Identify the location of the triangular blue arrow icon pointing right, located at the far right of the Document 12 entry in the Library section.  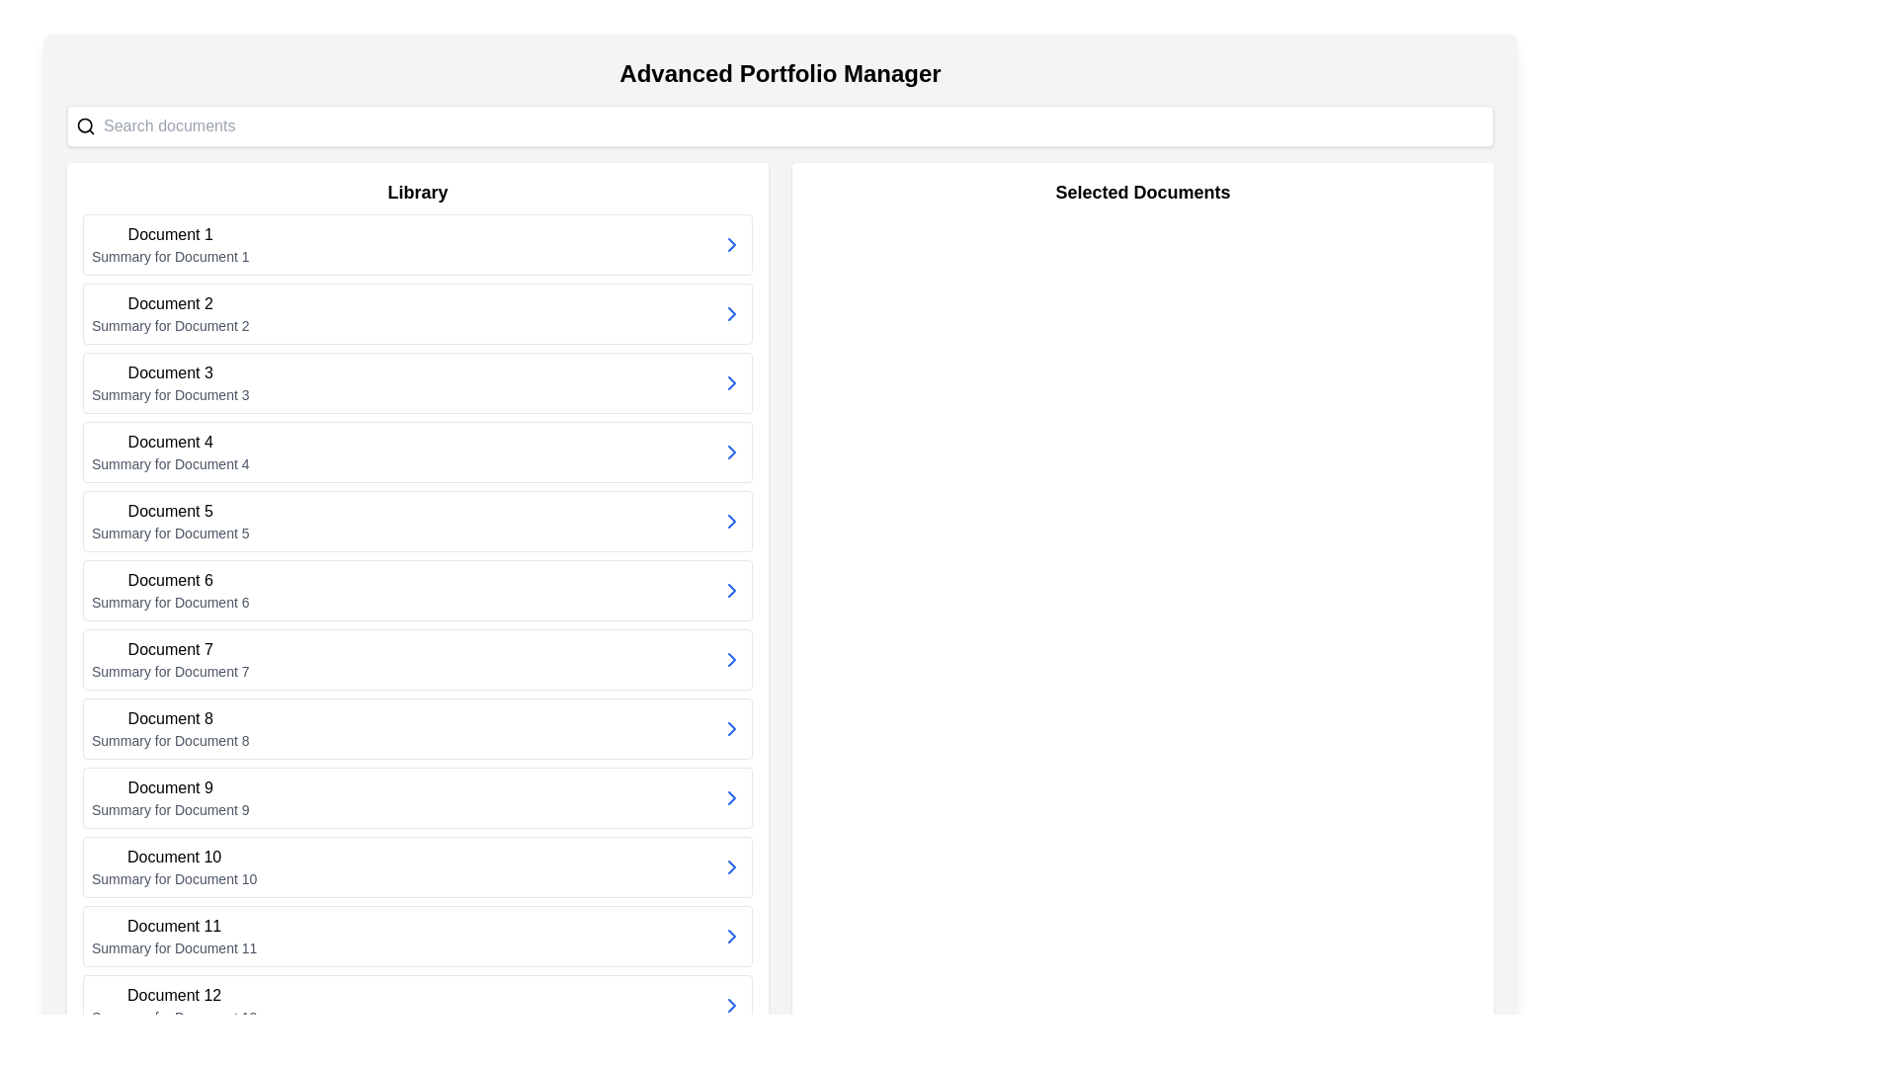
(730, 936).